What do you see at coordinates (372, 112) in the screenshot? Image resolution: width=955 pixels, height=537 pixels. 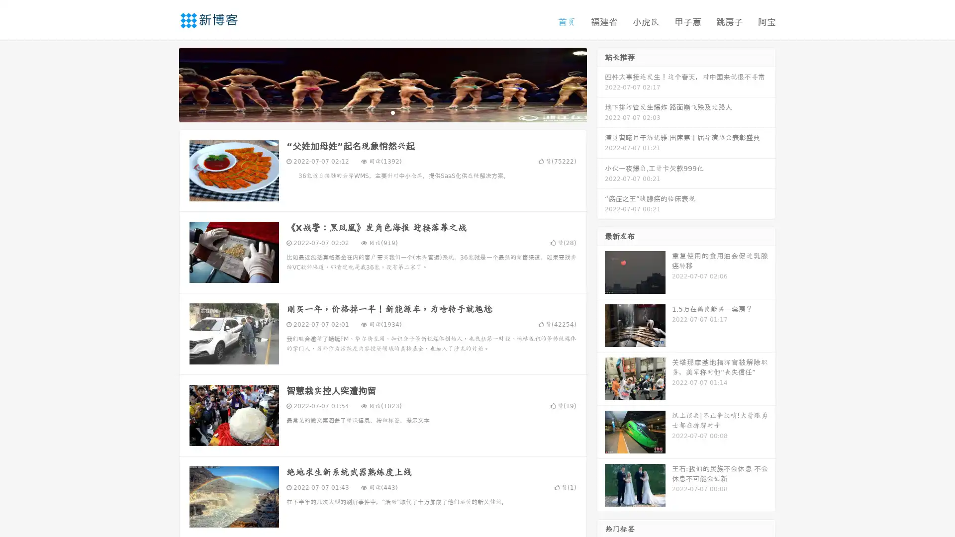 I see `Go to slide 1` at bounding box center [372, 112].